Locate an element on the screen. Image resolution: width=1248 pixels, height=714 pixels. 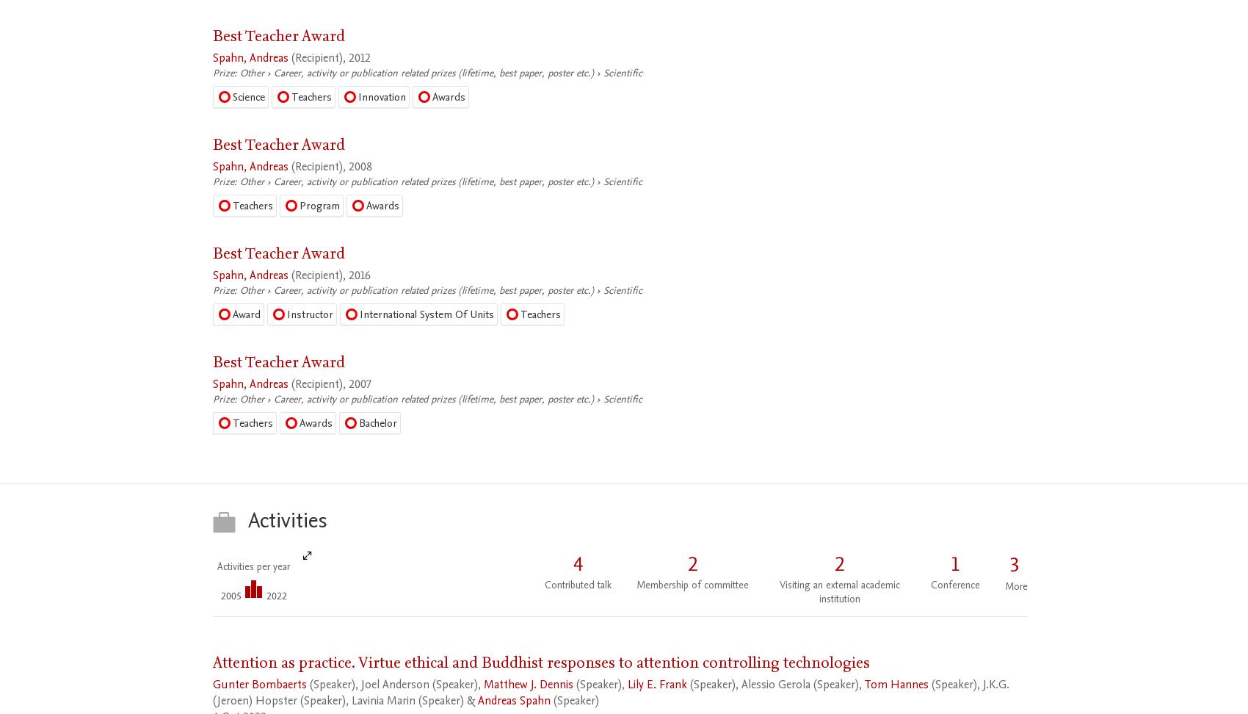
'Matthew J. Dennis' is located at coordinates (483, 683).